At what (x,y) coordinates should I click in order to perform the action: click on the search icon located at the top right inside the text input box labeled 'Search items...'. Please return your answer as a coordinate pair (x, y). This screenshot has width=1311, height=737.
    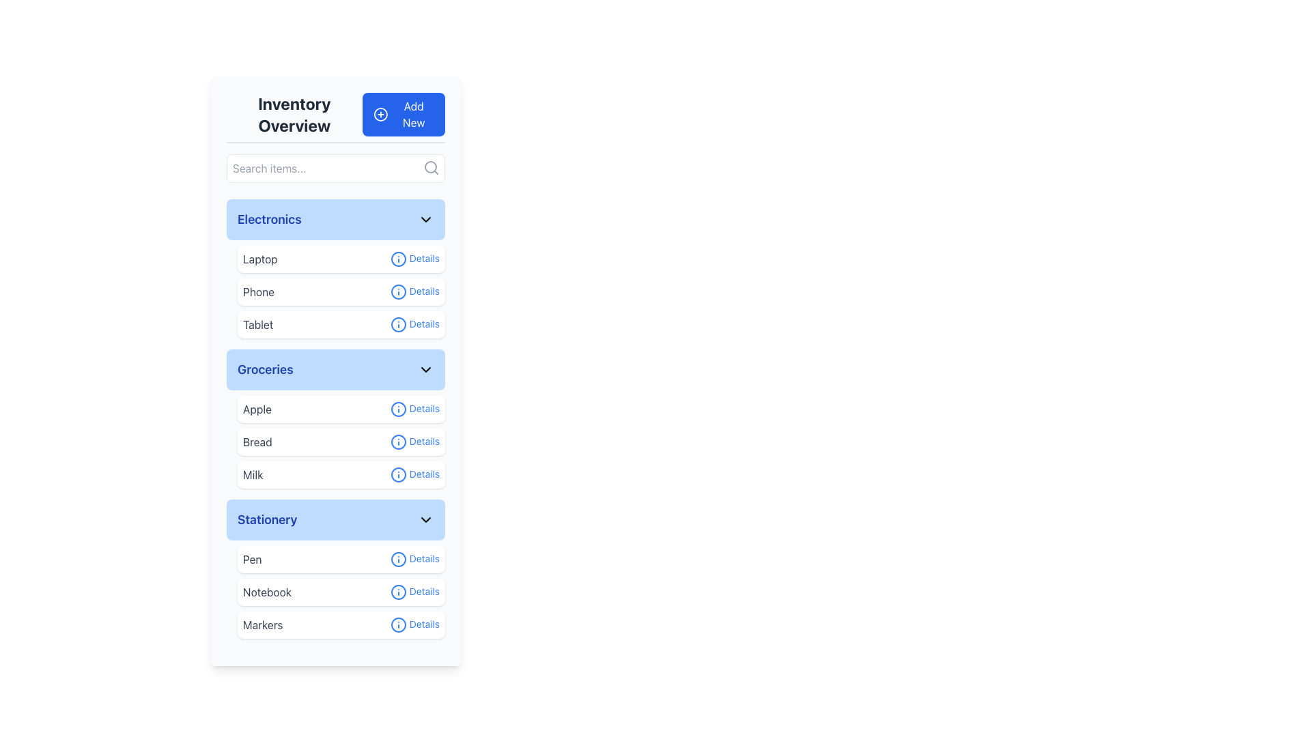
    Looking at the image, I should click on (431, 167).